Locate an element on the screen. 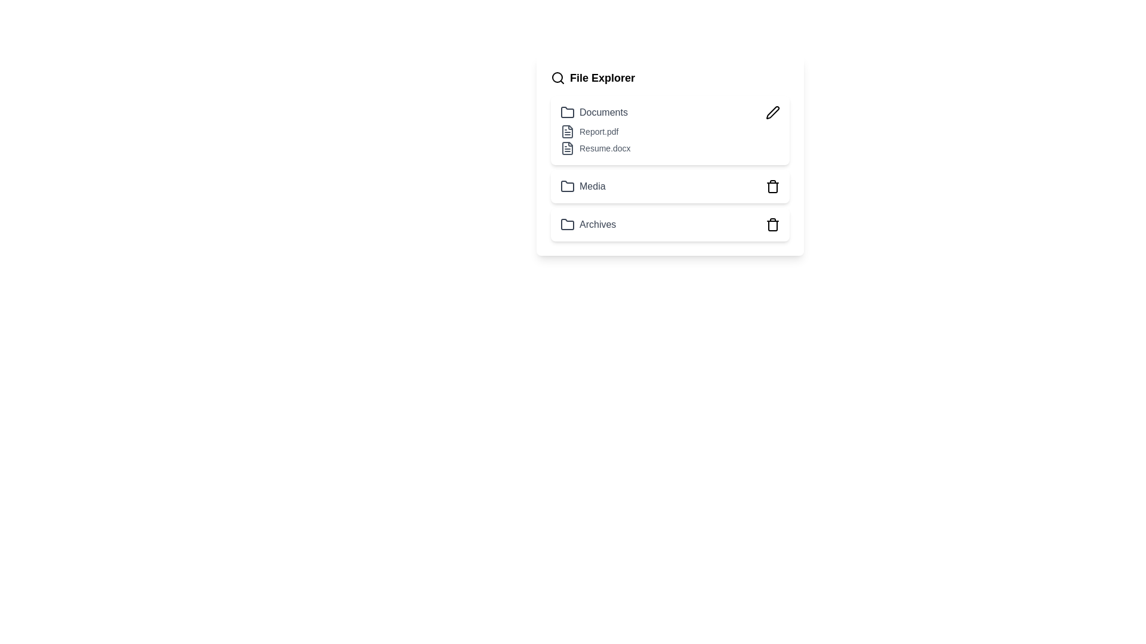  the 'Resume.docx' file entry down is located at coordinates (670, 148).